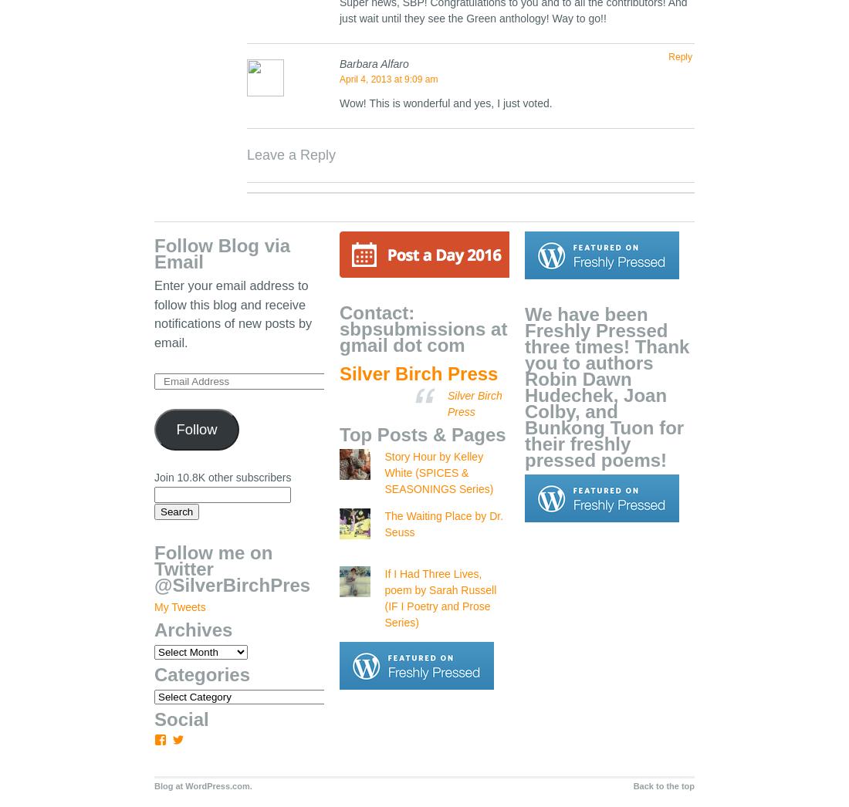  Describe the element at coordinates (442, 523) in the screenshot. I see `'The Waiting Place by Dr. Seuss'` at that location.